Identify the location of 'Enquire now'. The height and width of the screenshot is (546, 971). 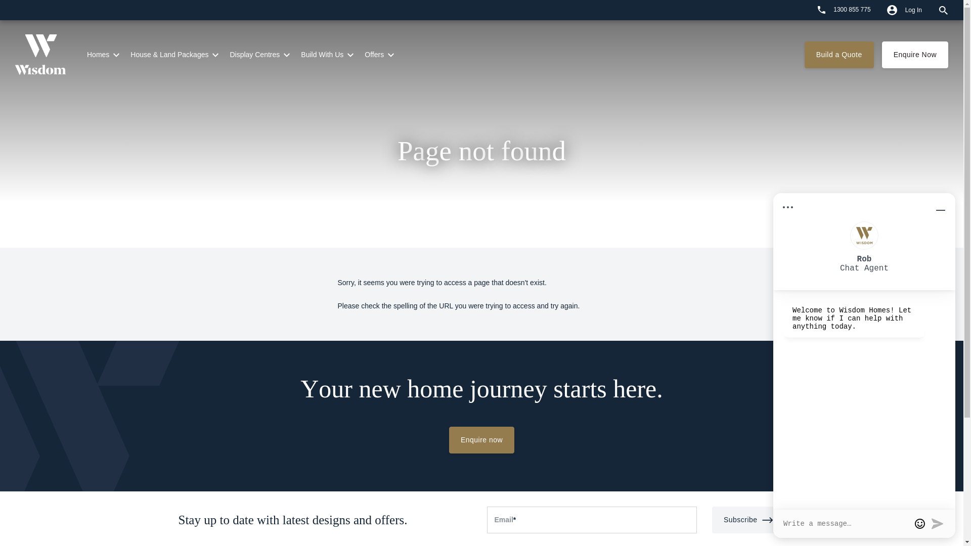
(481, 439).